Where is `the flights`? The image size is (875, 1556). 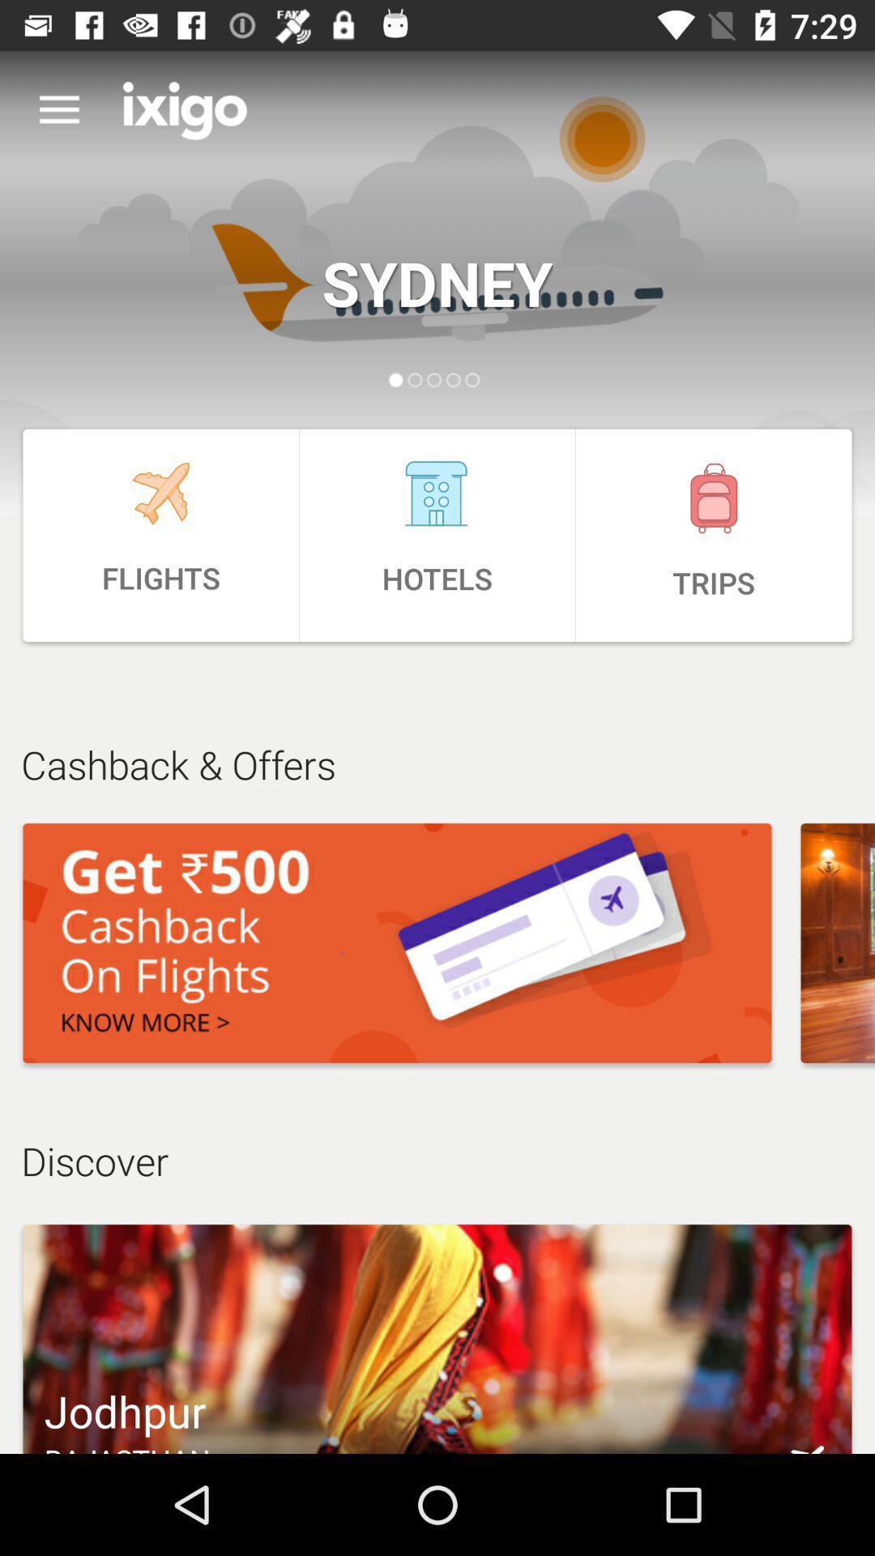
the flights is located at coordinates (160, 535).